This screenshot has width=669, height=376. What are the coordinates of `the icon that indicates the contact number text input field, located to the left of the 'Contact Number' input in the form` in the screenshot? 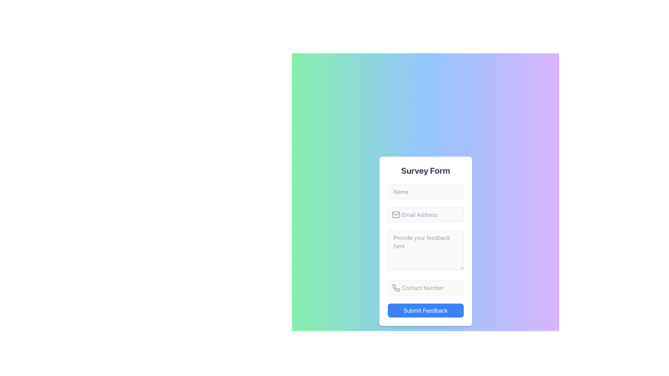 It's located at (396, 288).